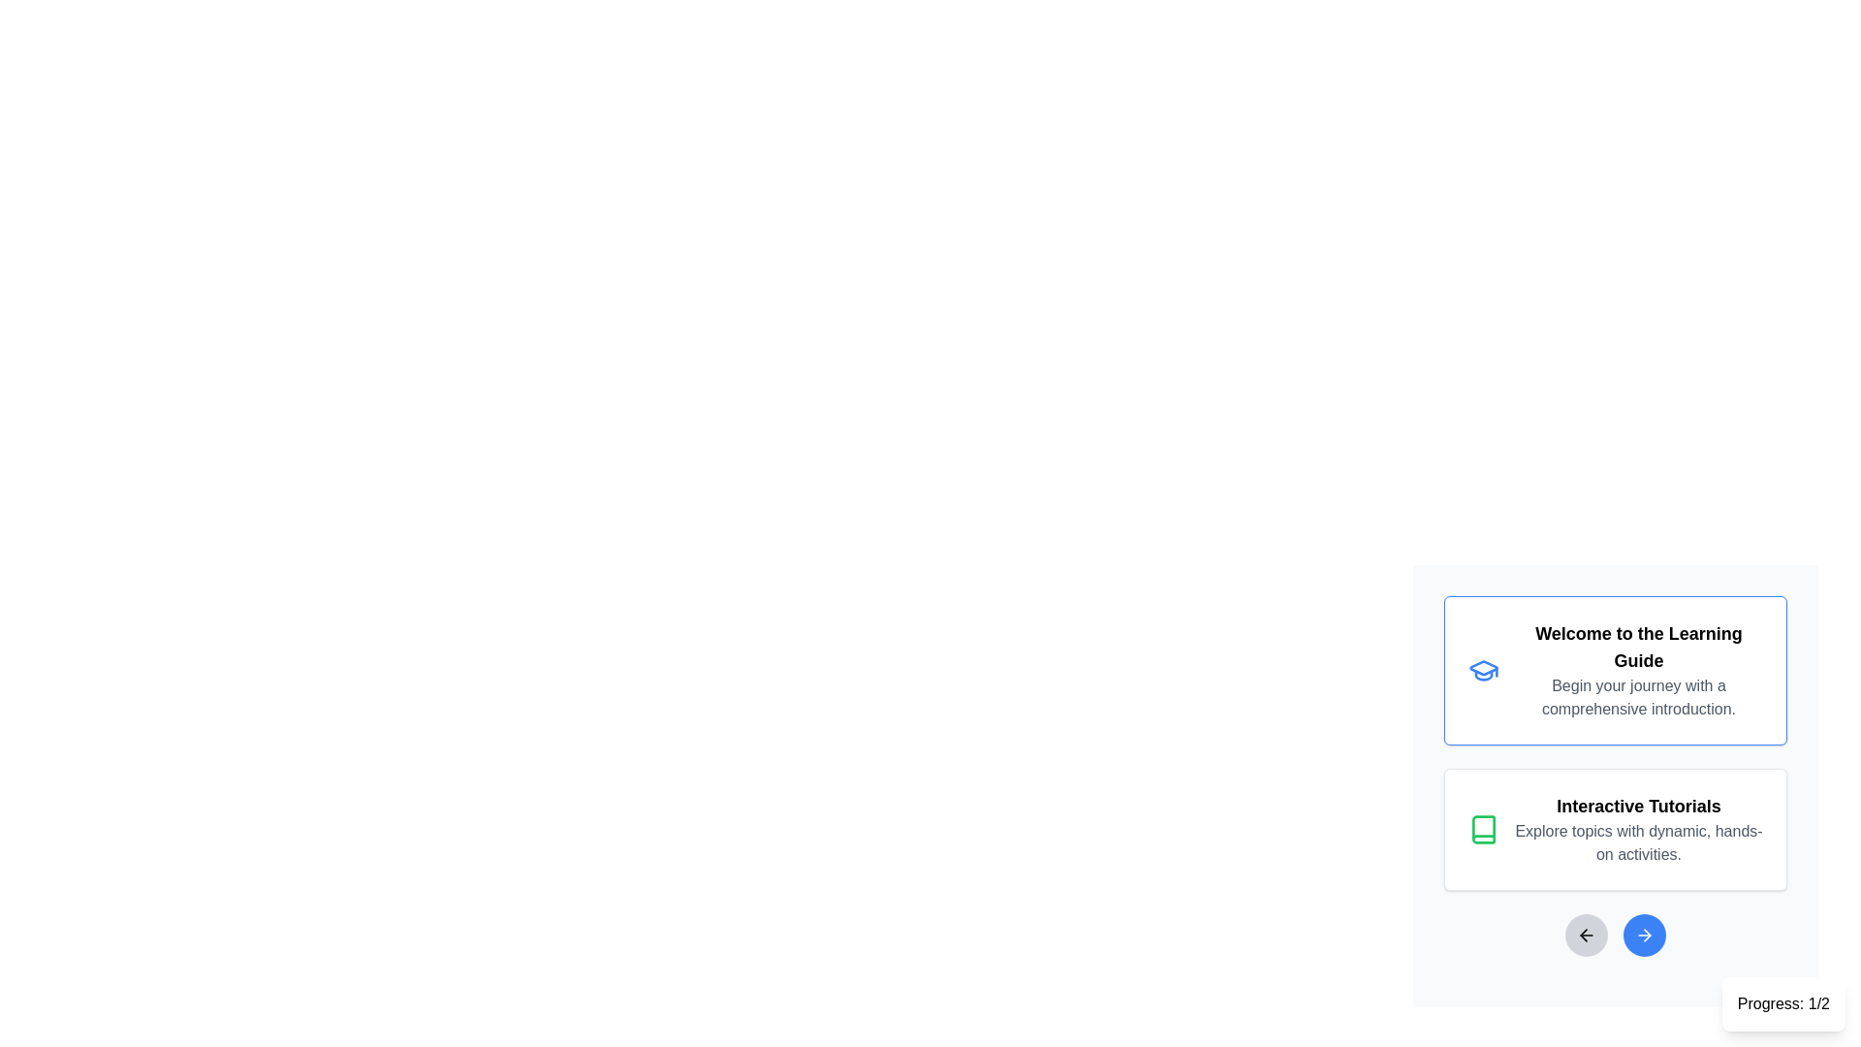  Describe the element at coordinates (1615, 934) in the screenshot. I see `the blue circular button with a right-pointing arrow` at that location.